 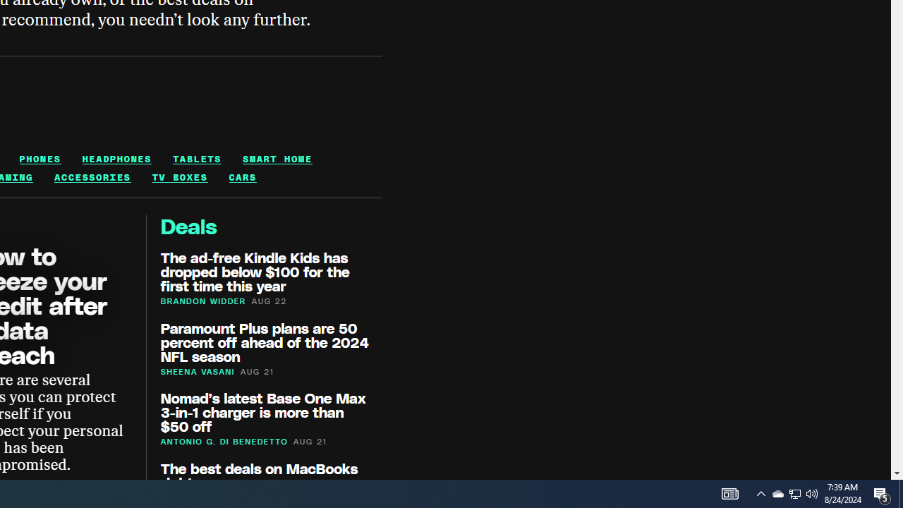 What do you see at coordinates (40, 159) in the screenshot?
I see `'PHONES'` at bounding box center [40, 159].